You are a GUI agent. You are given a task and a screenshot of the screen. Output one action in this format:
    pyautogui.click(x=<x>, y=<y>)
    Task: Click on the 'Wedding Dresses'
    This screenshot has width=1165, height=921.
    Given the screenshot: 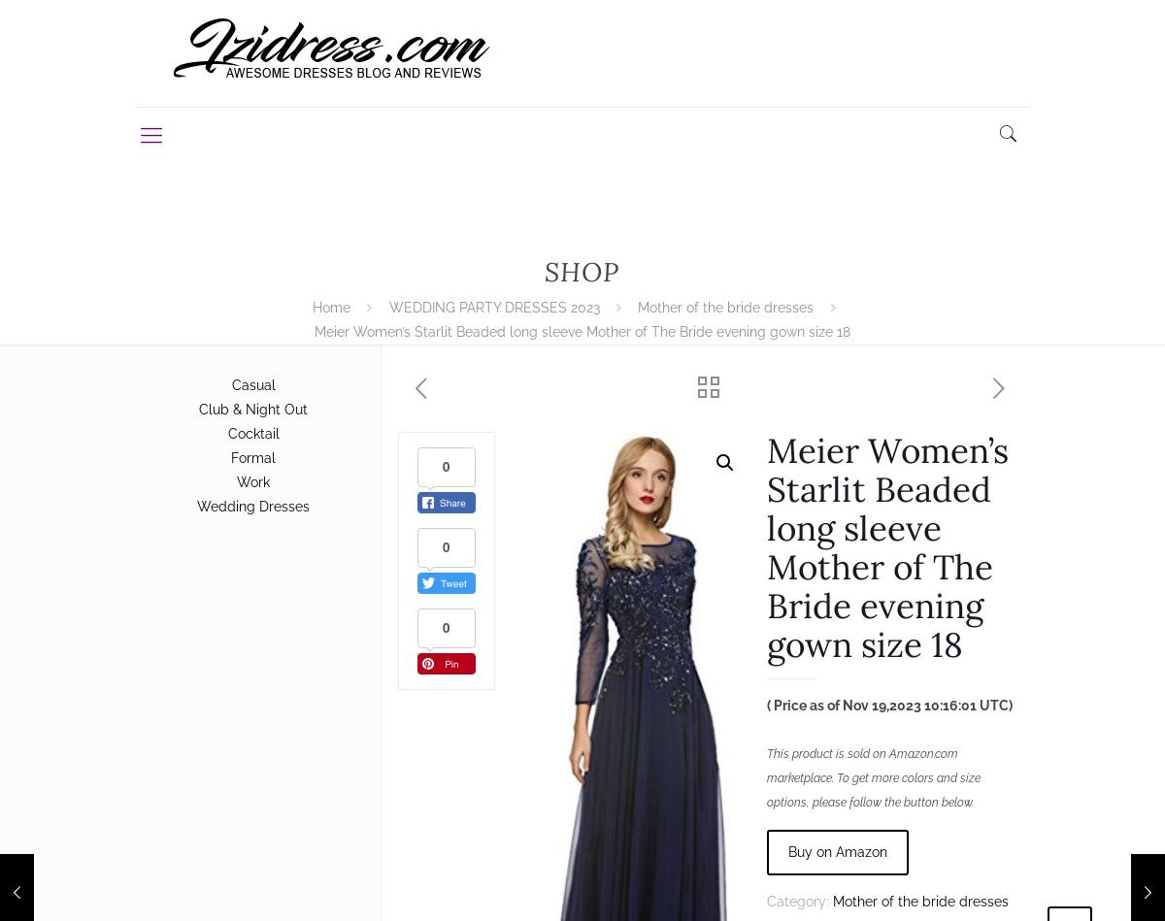 What is the action you would take?
    pyautogui.click(x=252, y=506)
    